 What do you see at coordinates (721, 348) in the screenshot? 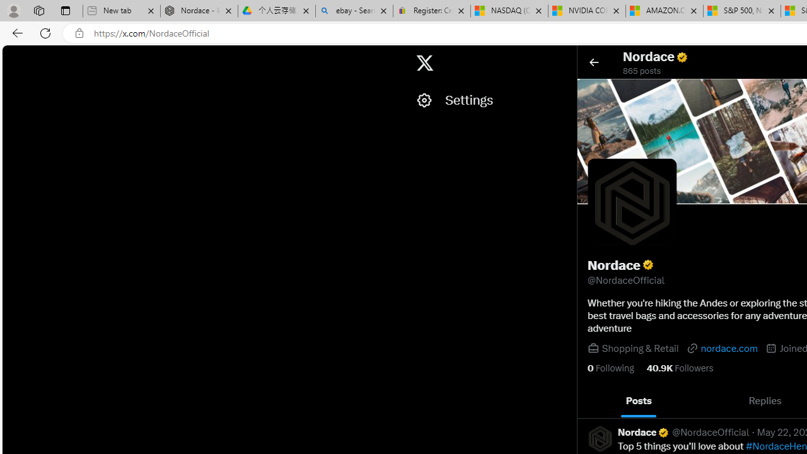
I see `'nordace.com'` at bounding box center [721, 348].